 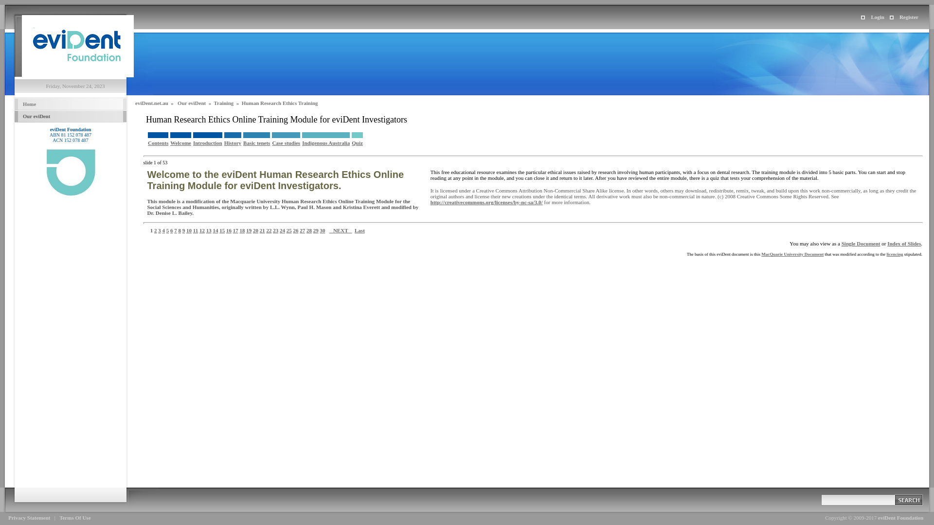 I want to click on '11', so click(x=195, y=230).